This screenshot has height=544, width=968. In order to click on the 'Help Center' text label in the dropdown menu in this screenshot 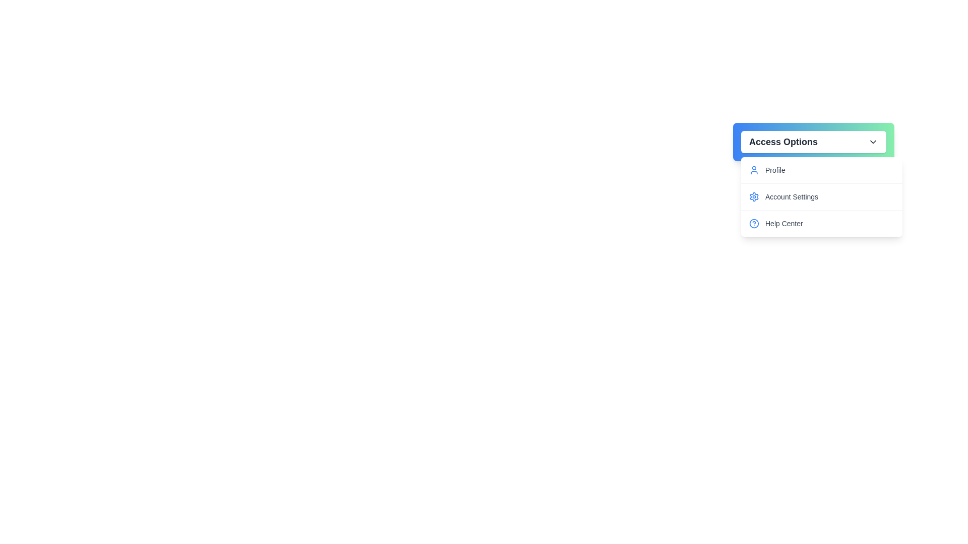, I will do `click(783, 223)`.